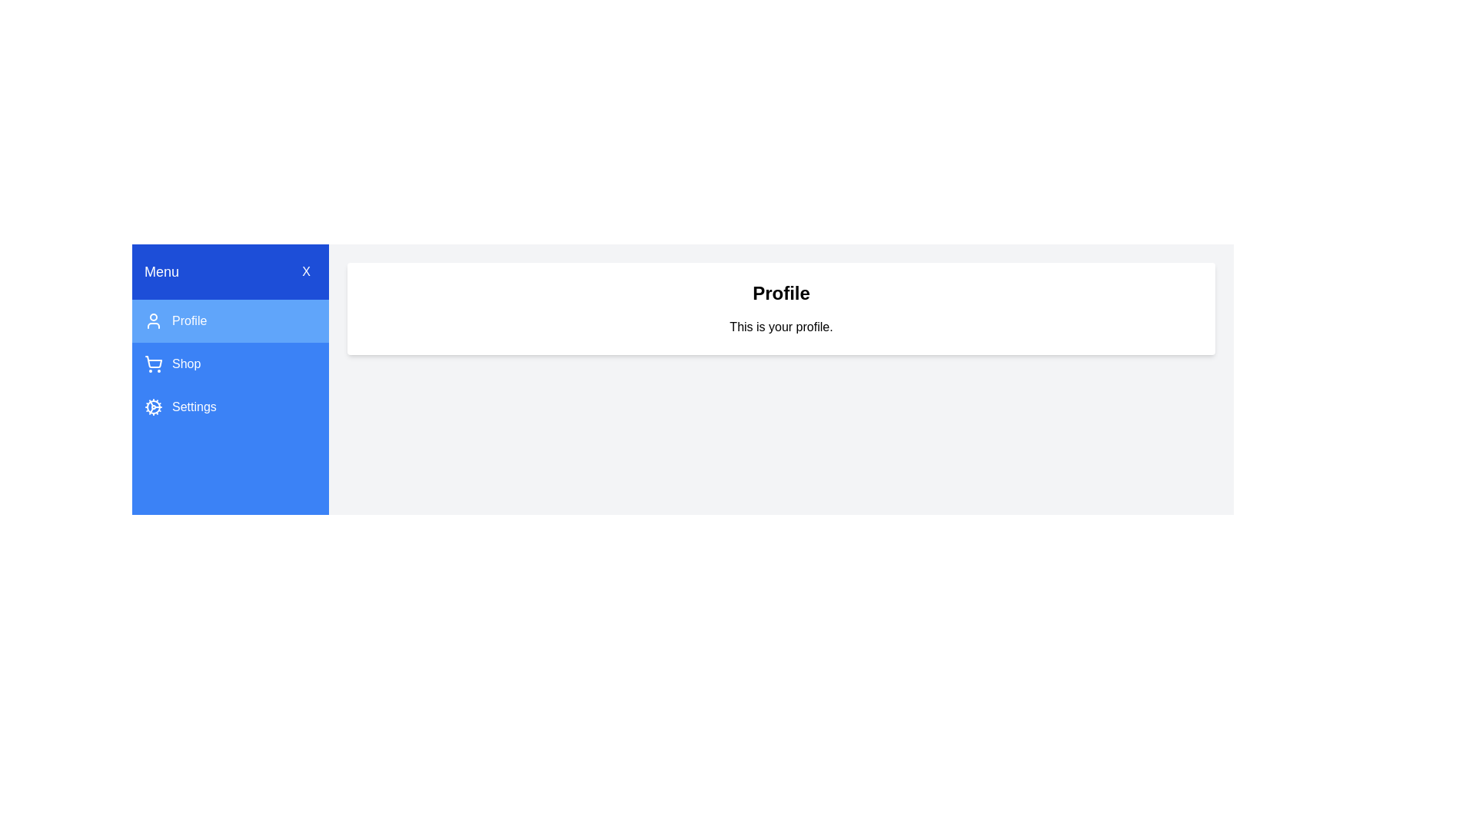 Image resolution: width=1476 pixels, height=830 pixels. Describe the element at coordinates (229, 364) in the screenshot. I see `the tab labeled Shop to view its content` at that location.